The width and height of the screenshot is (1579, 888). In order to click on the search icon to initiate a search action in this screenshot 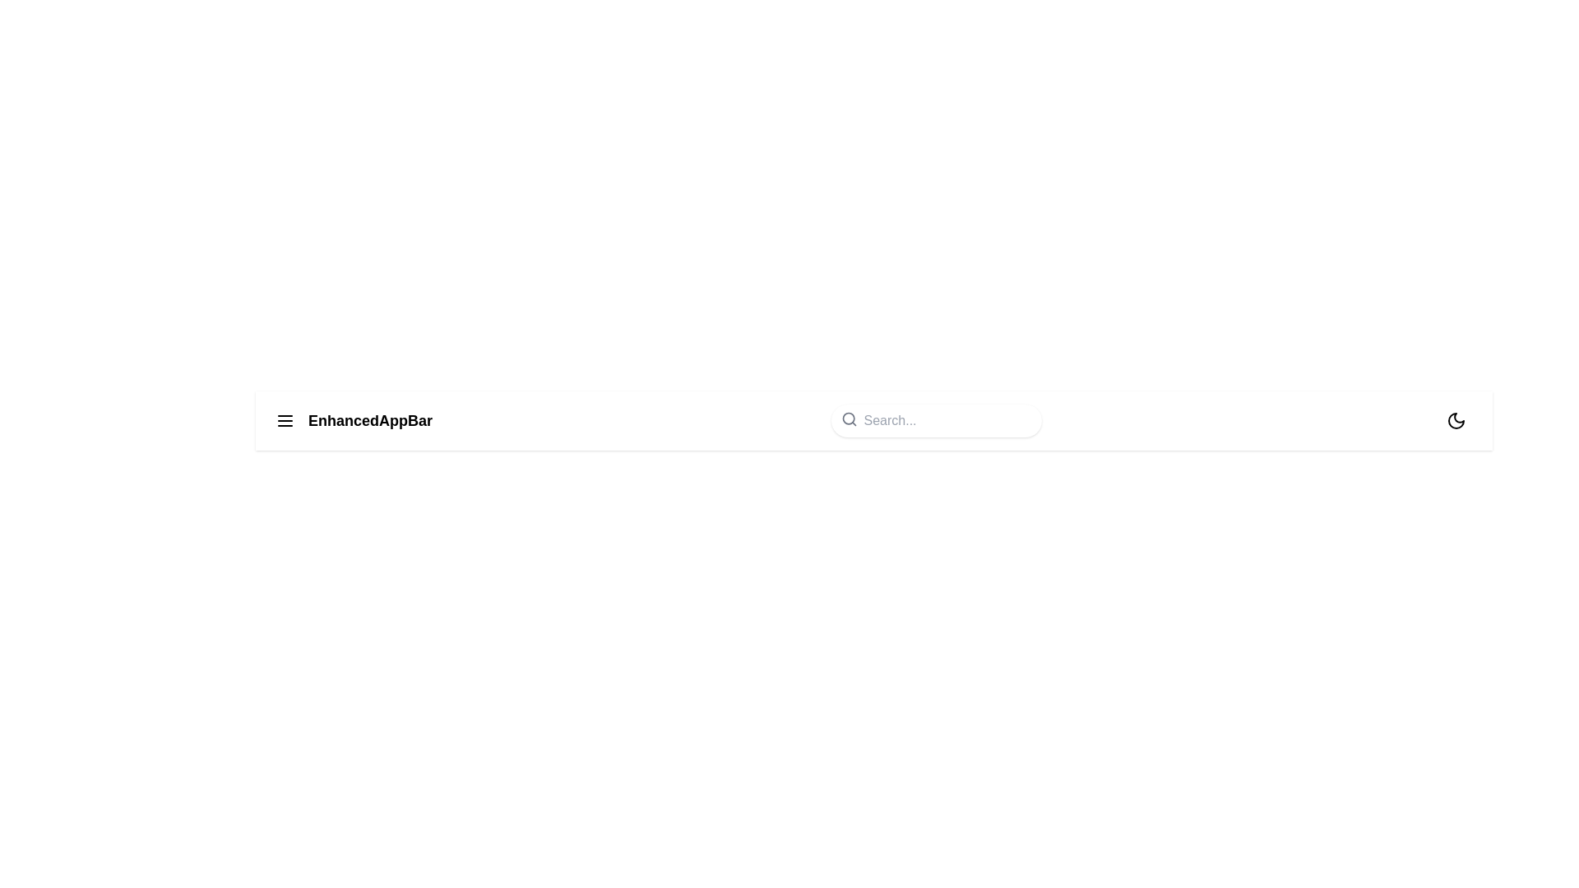, I will do `click(849, 418)`.